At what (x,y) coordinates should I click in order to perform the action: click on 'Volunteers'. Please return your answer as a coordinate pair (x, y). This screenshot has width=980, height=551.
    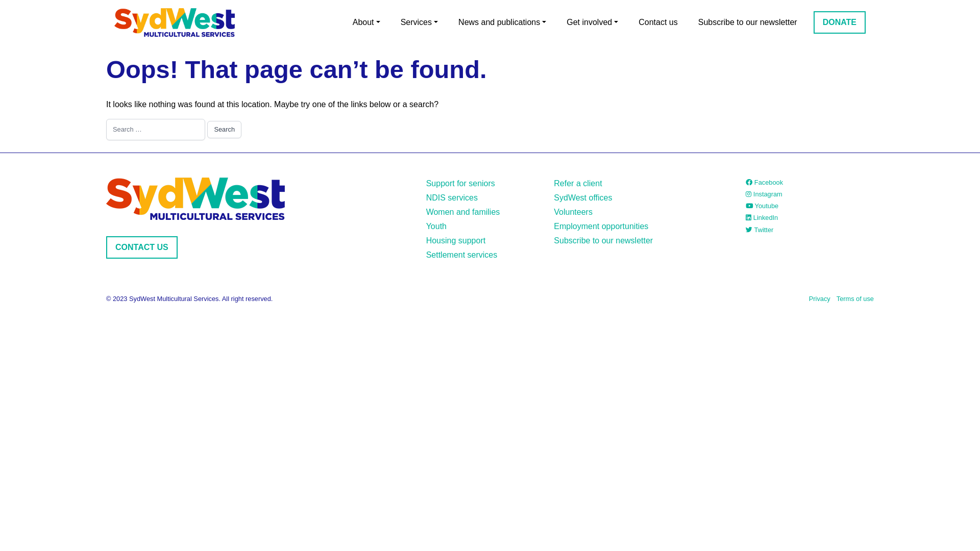
    Looking at the image, I should click on (573, 211).